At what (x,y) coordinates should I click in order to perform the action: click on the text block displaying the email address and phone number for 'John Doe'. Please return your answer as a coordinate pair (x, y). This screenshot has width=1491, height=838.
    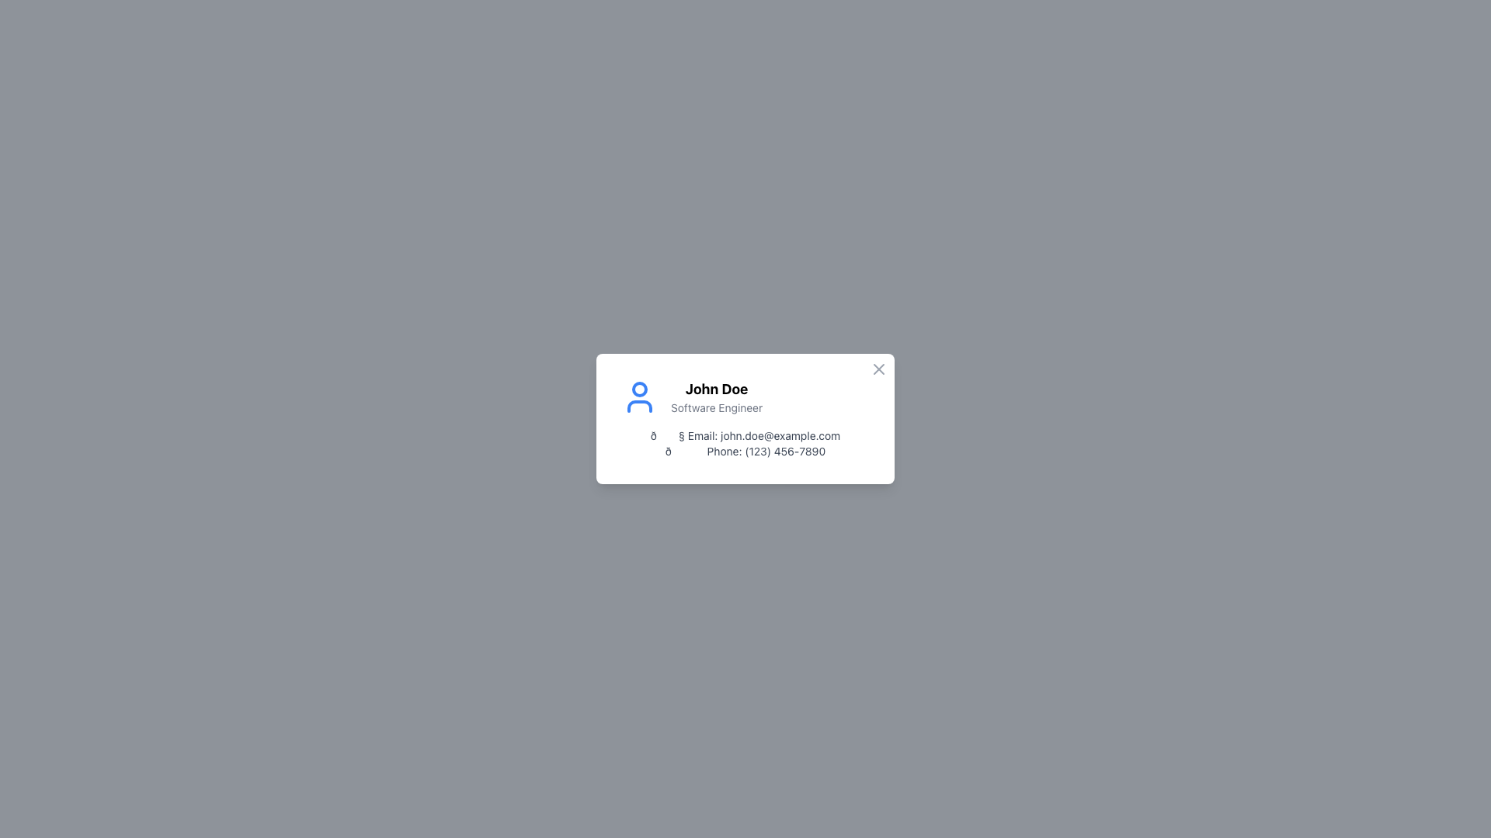
    Looking at the image, I should click on (745, 443).